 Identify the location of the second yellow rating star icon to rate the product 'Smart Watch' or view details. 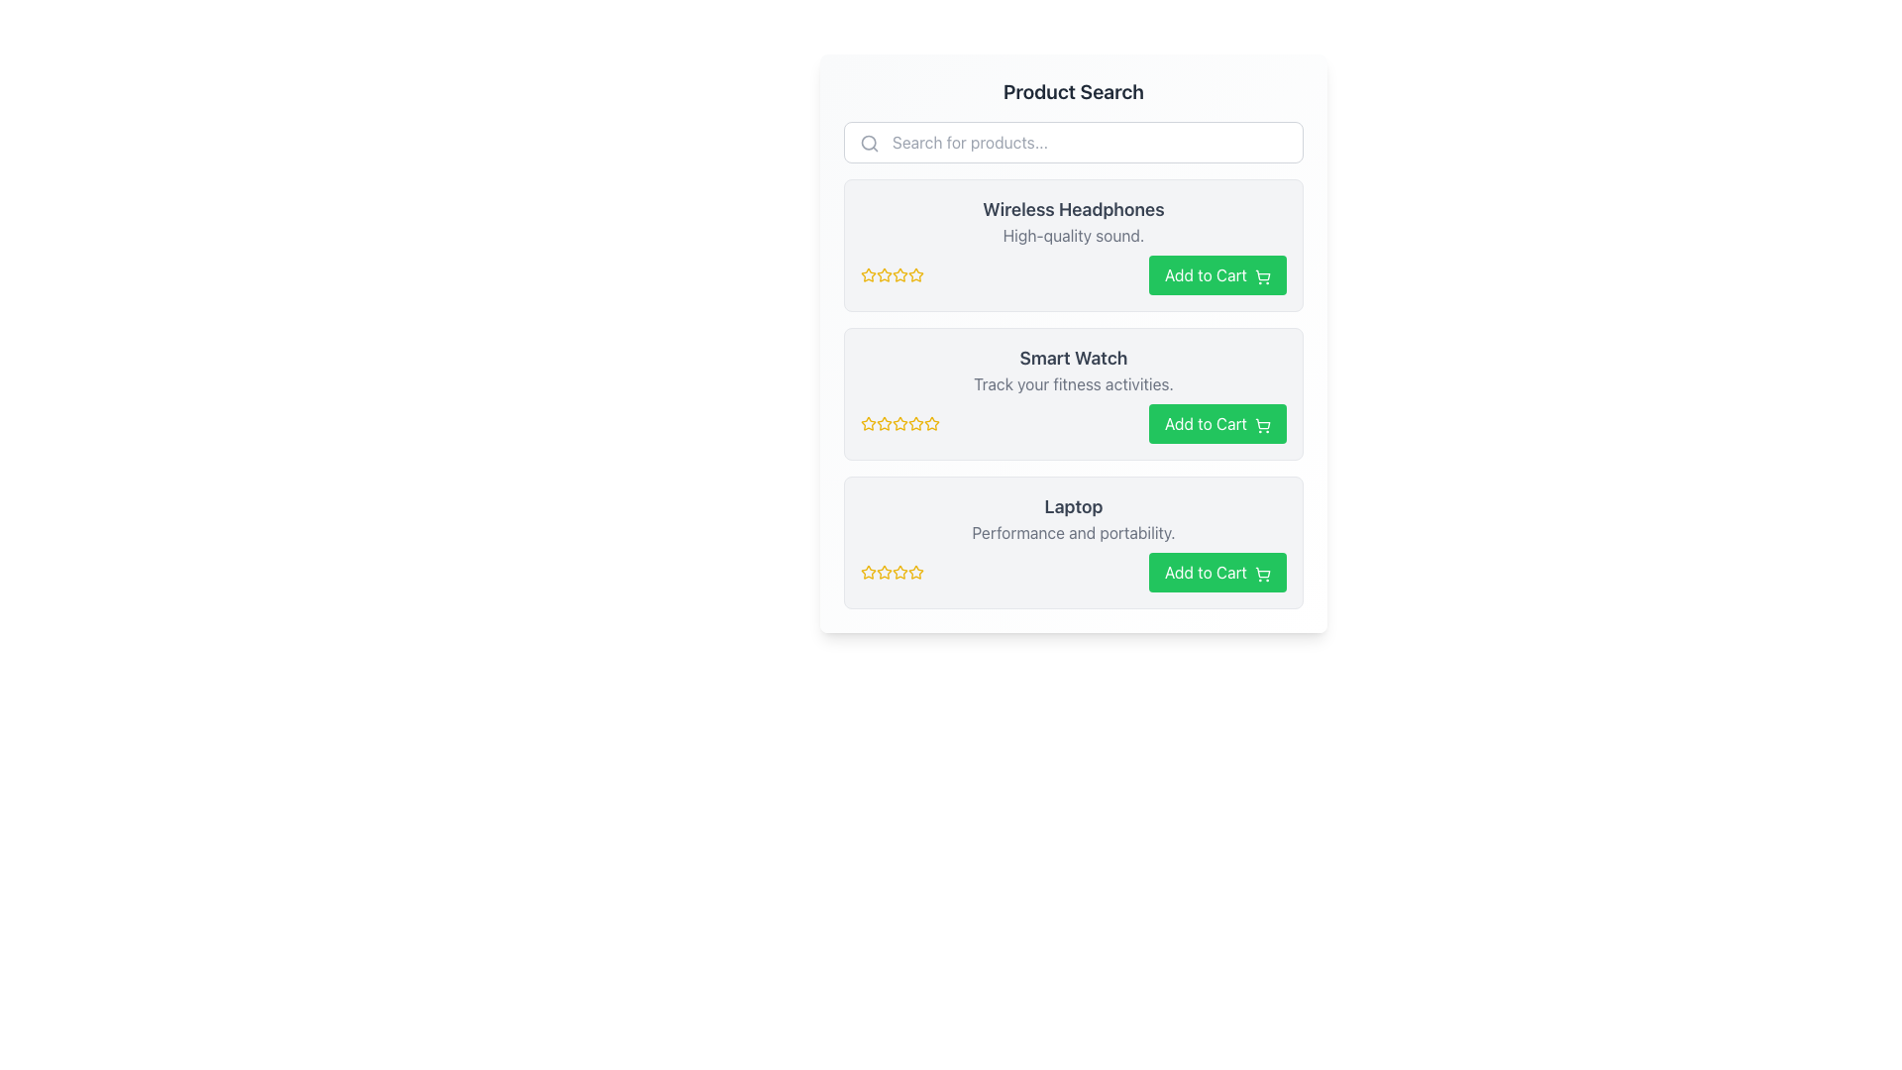
(869, 422).